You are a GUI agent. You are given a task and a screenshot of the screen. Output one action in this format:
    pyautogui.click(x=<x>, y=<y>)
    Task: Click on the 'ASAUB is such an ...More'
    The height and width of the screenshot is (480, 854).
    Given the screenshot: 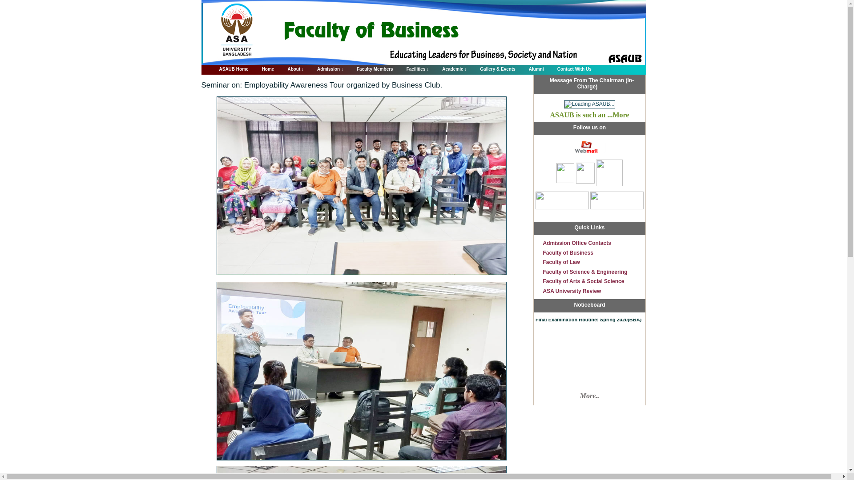 What is the action you would take?
    pyautogui.click(x=589, y=114)
    